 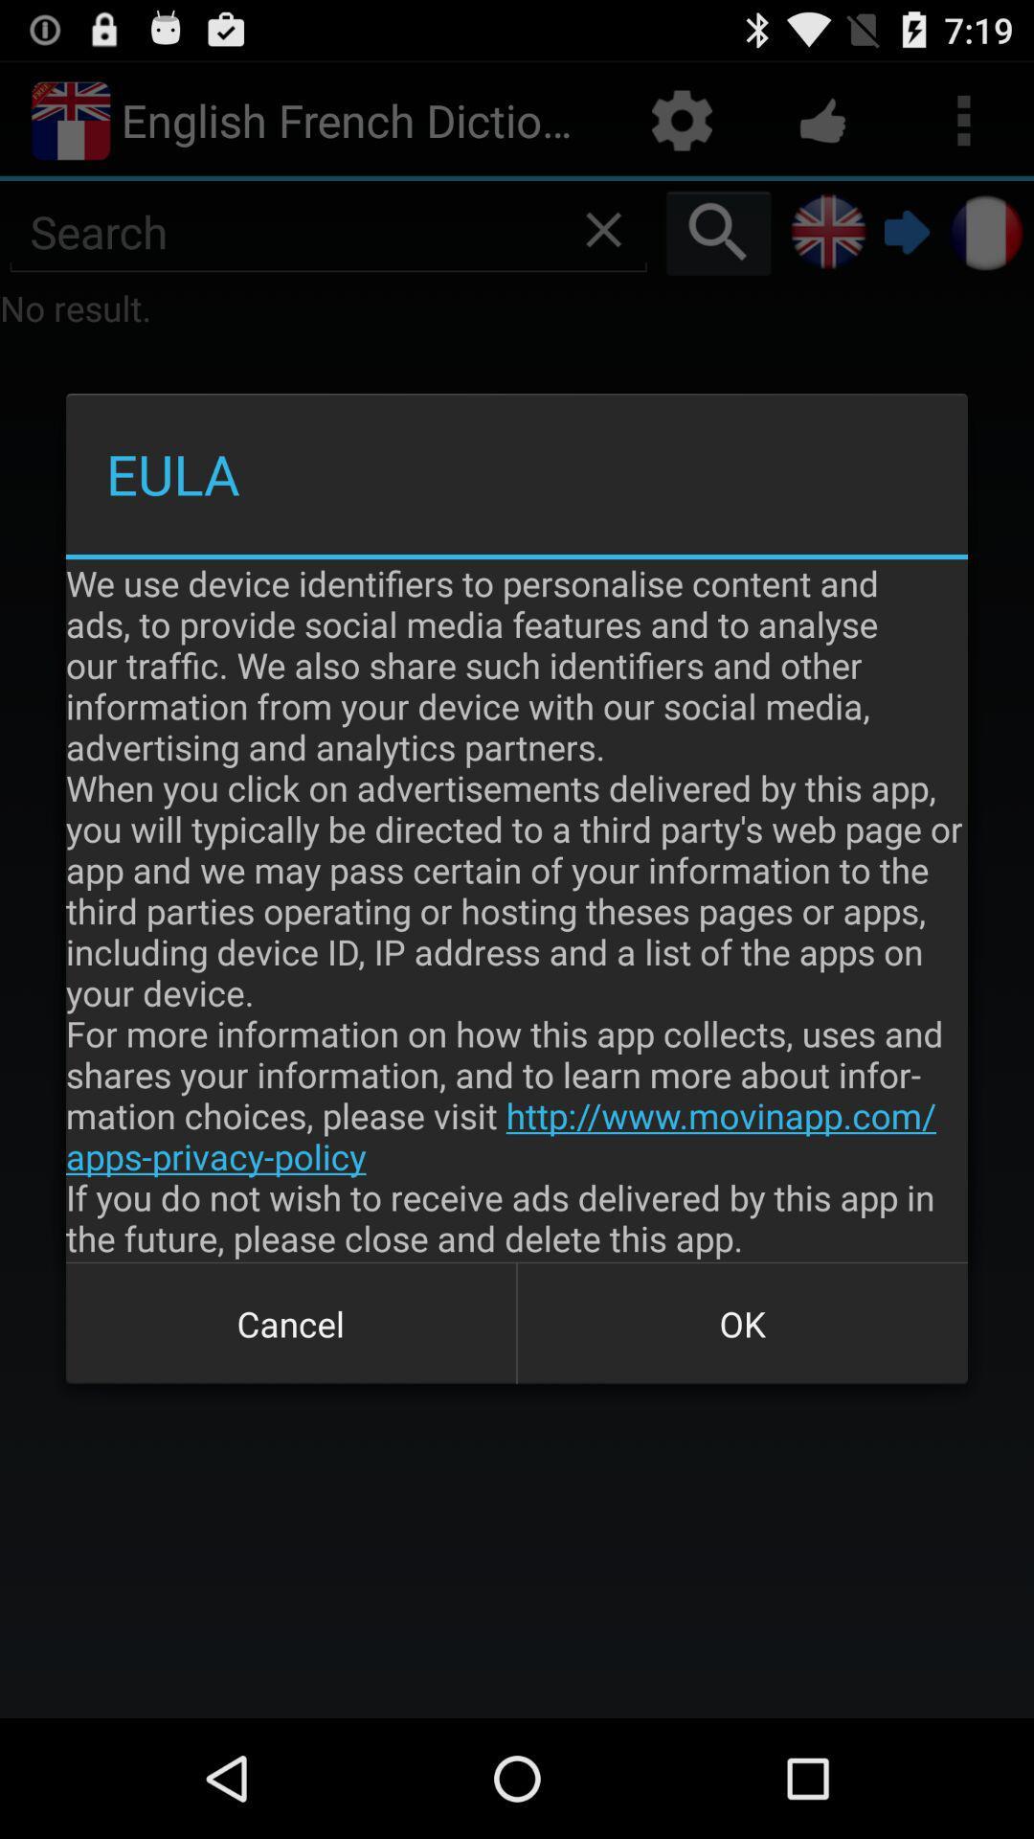 What do you see at coordinates (741, 1323) in the screenshot?
I see `the ok icon` at bounding box center [741, 1323].